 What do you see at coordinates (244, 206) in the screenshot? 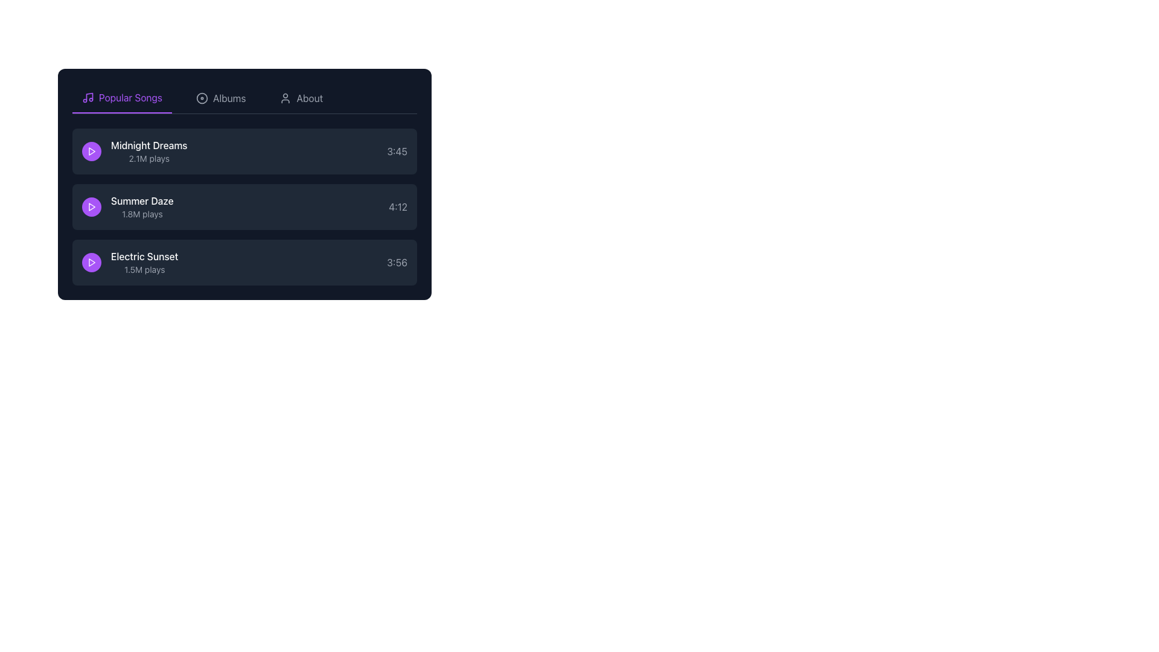
I see `the second row of the song list, which represents a song entry in the playlist` at bounding box center [244, 206].